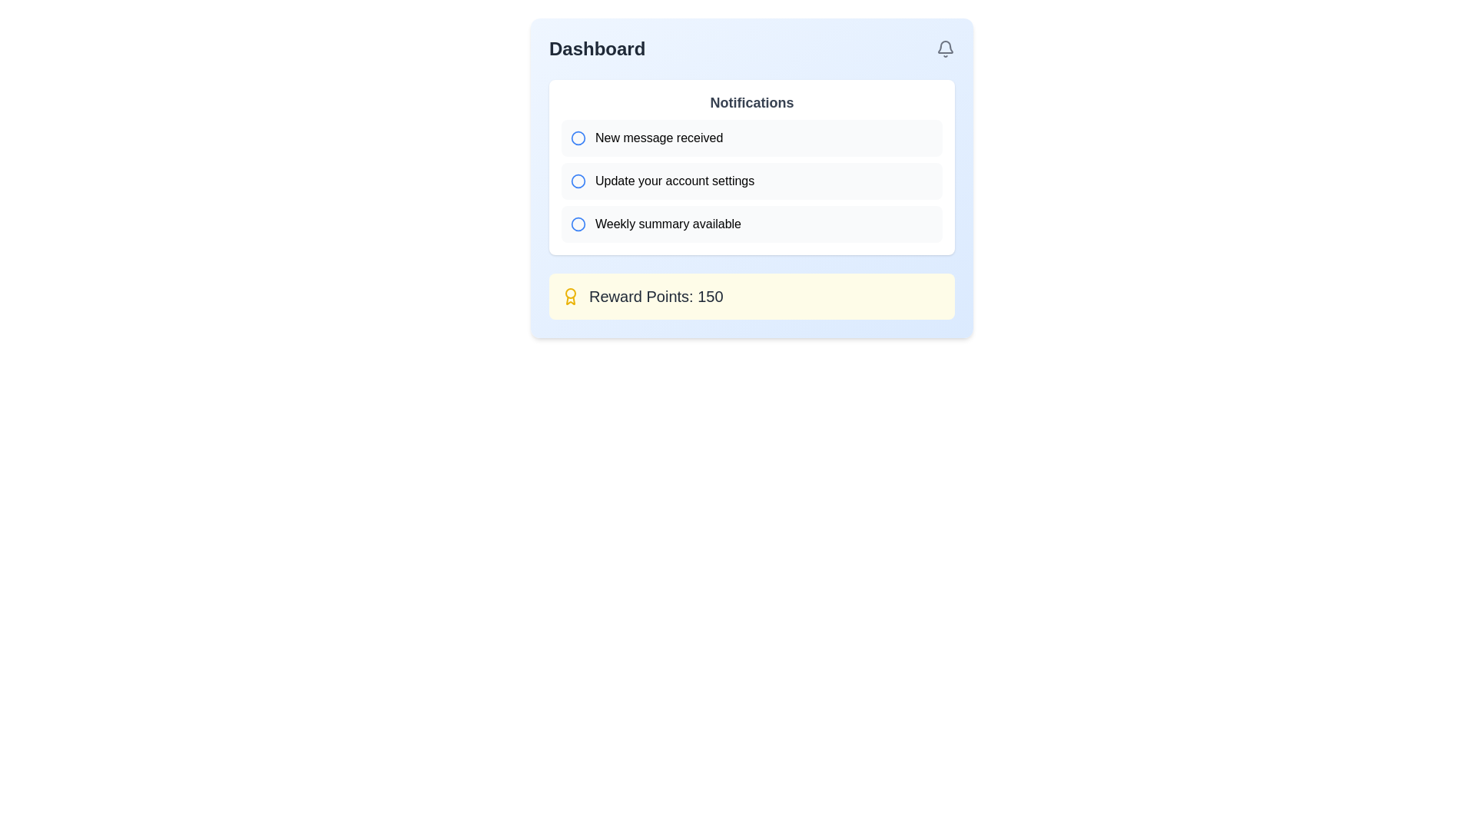  Describe the element at coordinates (578, 180) in the screenshot. I see `the second circular indicator in the notification list, which is located to the left of the text 'Update your account settings'` at that location.